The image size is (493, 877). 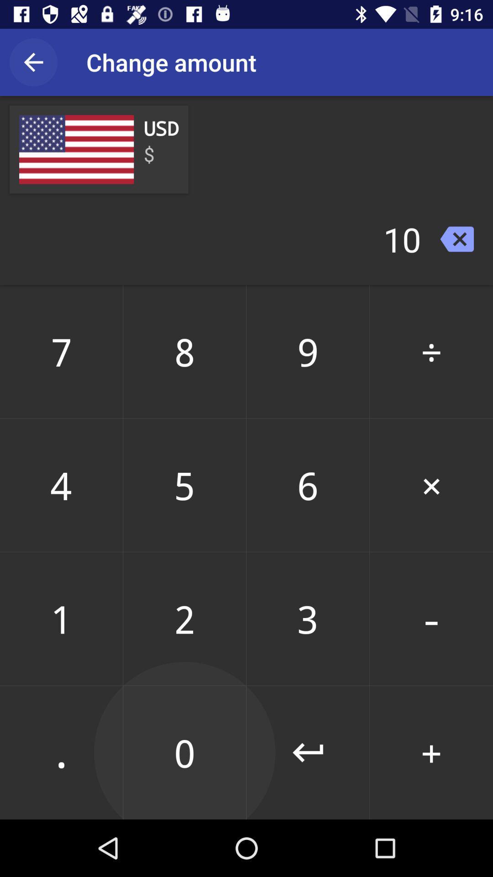 What do you see at coordinates (61, 351) in the screenshot?
I see `7 item` at bounding box center [61, 351].